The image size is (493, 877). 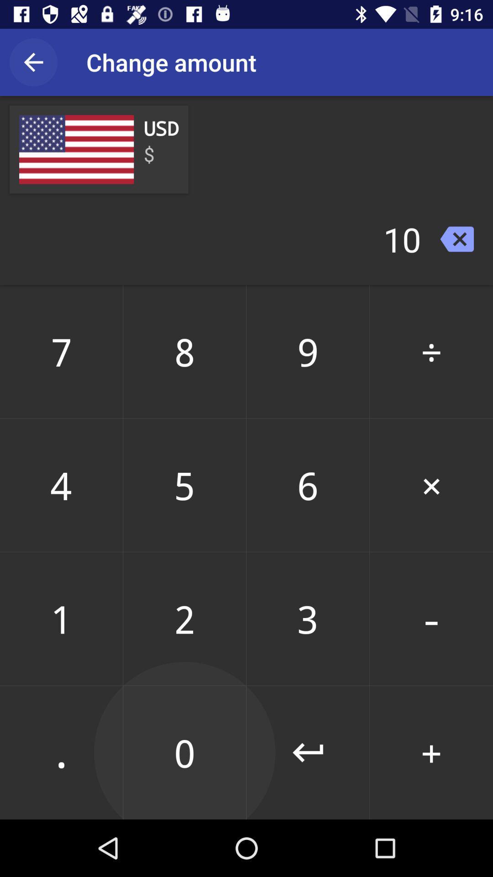 What do you see at coordinates (61, 351) in the screenshot?
I see `7 item` at bounding box center [61, 351].